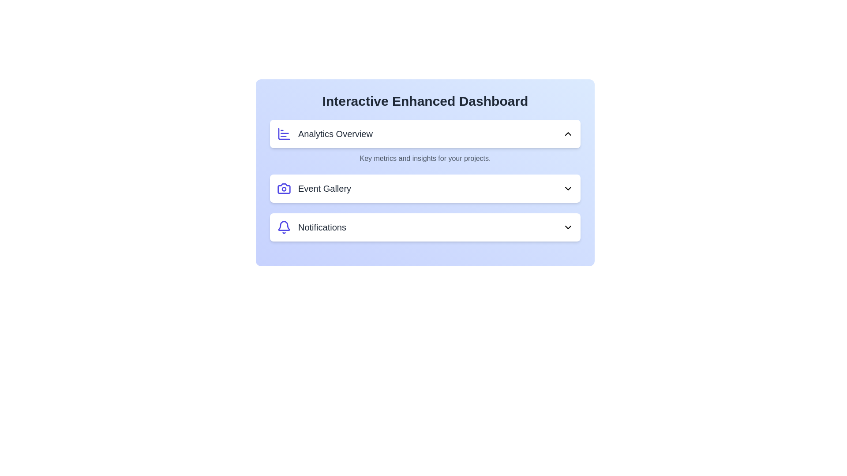  Describe the element at coordinates (284, 188) in the screenshot. I see `the icon of the Event Gallery section` at that location.